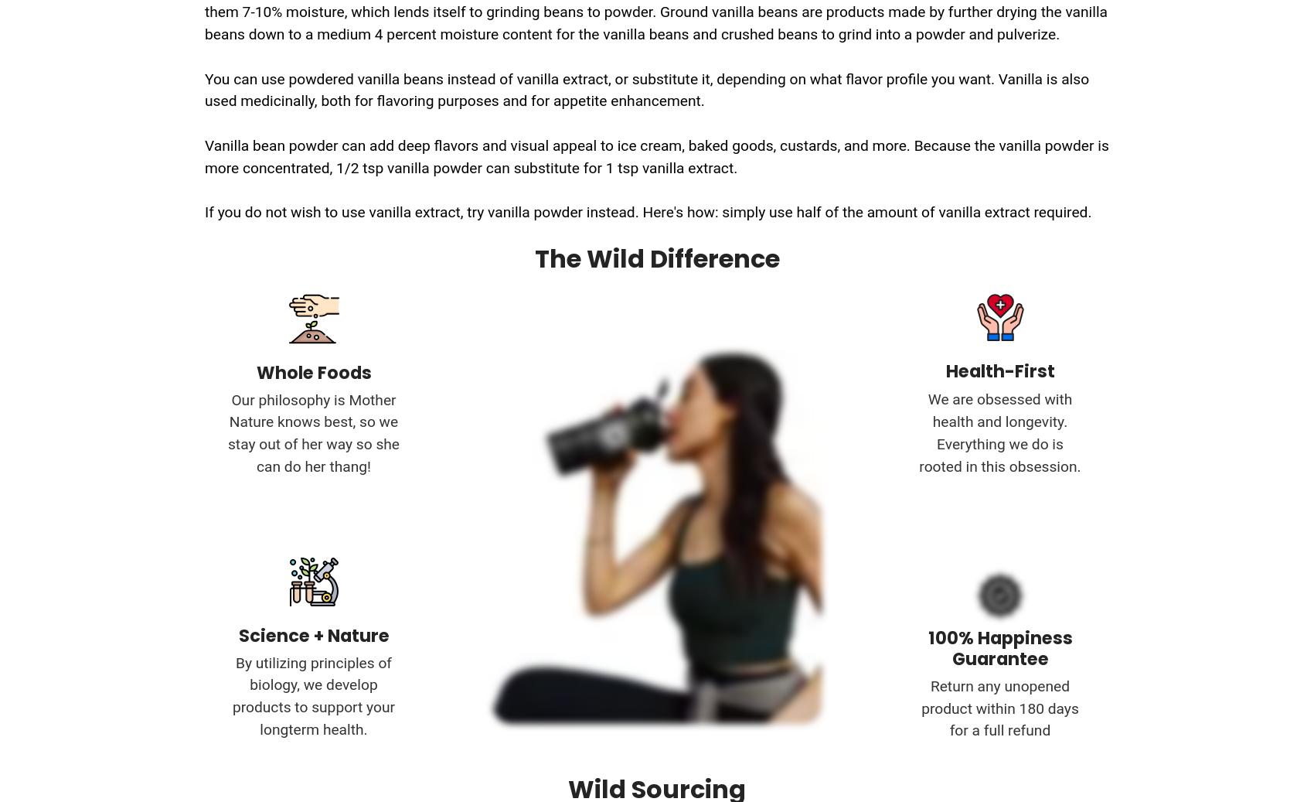 The image size is (1314, 802). I want to click on 'We are obsessed with health and longevity. Everything we do is rooted in this obsession.', so click(999, 432).